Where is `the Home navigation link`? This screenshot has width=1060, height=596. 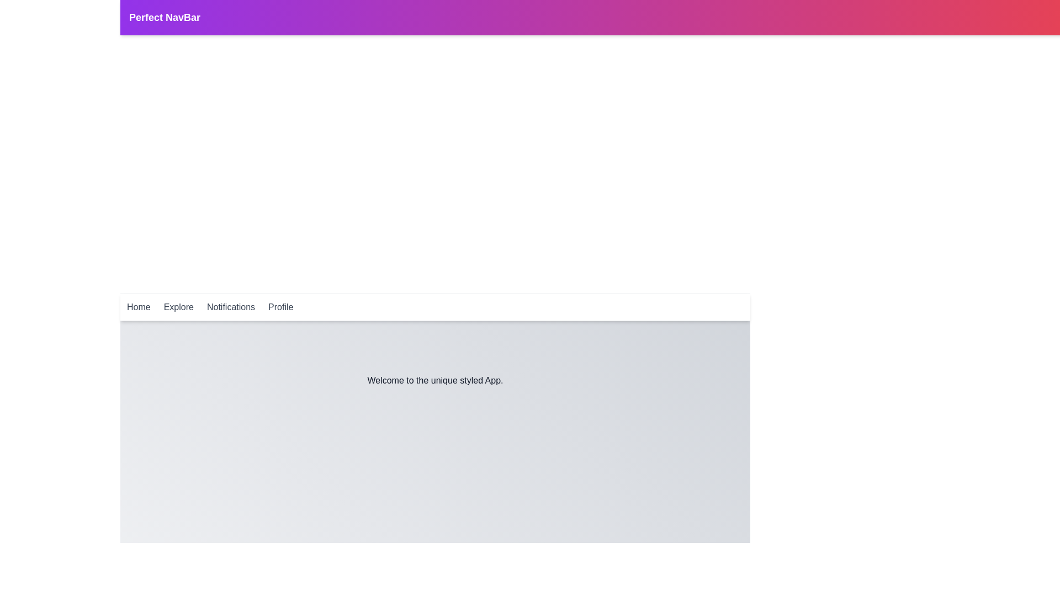
the Home navigation link is located at coordinates (137, 307).